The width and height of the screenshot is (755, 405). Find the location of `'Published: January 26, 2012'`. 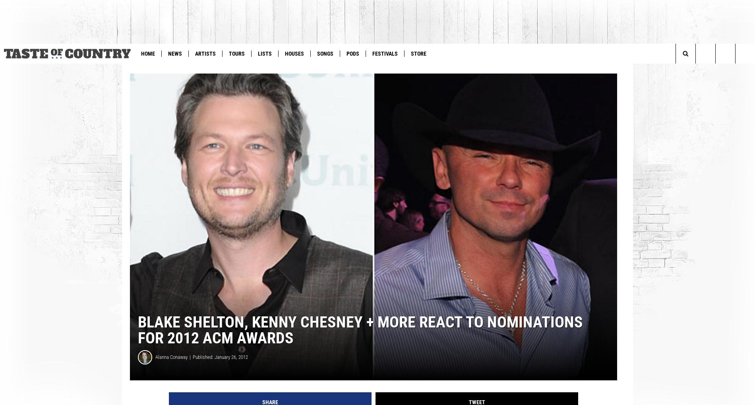

'Published: January 26, 2012' is located at coordinates (220, 369).